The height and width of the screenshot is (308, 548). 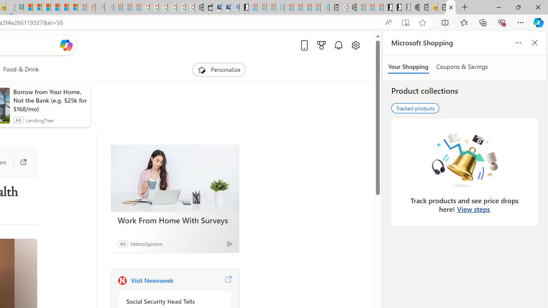 I want to click on 'Microsoft rewards', so click(x=321, y=45).